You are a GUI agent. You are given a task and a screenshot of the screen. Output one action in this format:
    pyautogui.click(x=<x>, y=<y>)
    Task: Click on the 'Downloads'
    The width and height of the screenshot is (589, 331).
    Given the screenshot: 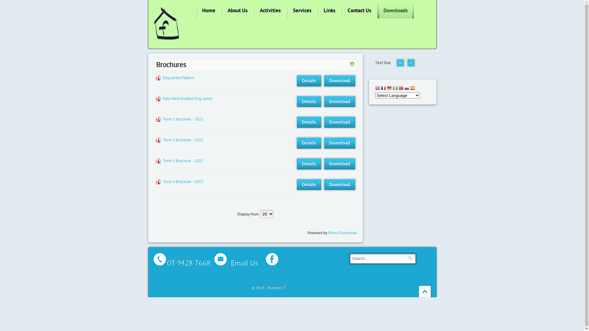 What is the action you would take?
    pyautogui.click(x=395, y=10)
    